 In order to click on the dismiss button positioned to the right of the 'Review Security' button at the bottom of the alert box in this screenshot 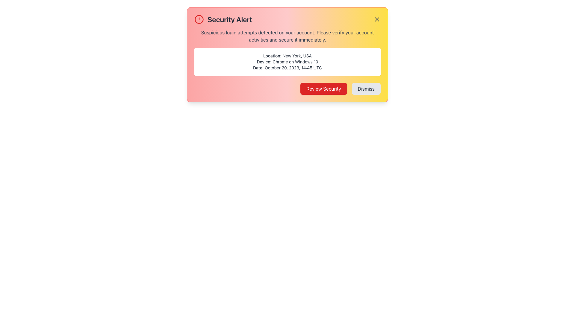, I will do `click(366, 89)`.